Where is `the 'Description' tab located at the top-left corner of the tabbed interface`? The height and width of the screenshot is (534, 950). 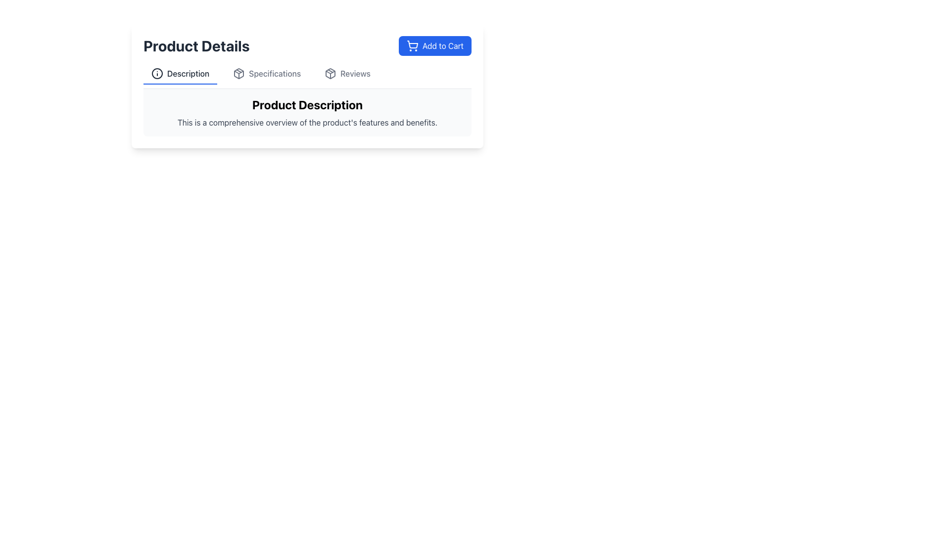 the 'Description' tab located at the top-left corner of the tabbed interface is located at coordinates (180, 74).